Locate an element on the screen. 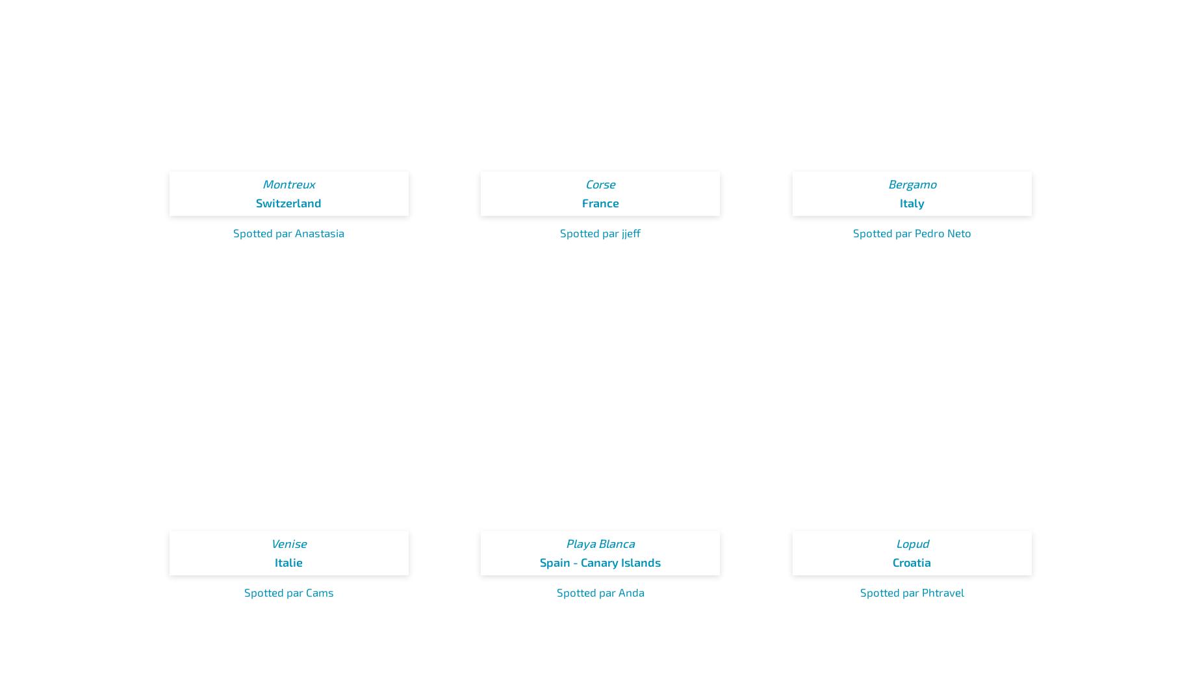 The height and width of the screenshot is (698, 1202). 'Lopud' is located at coordinates (895, 543).